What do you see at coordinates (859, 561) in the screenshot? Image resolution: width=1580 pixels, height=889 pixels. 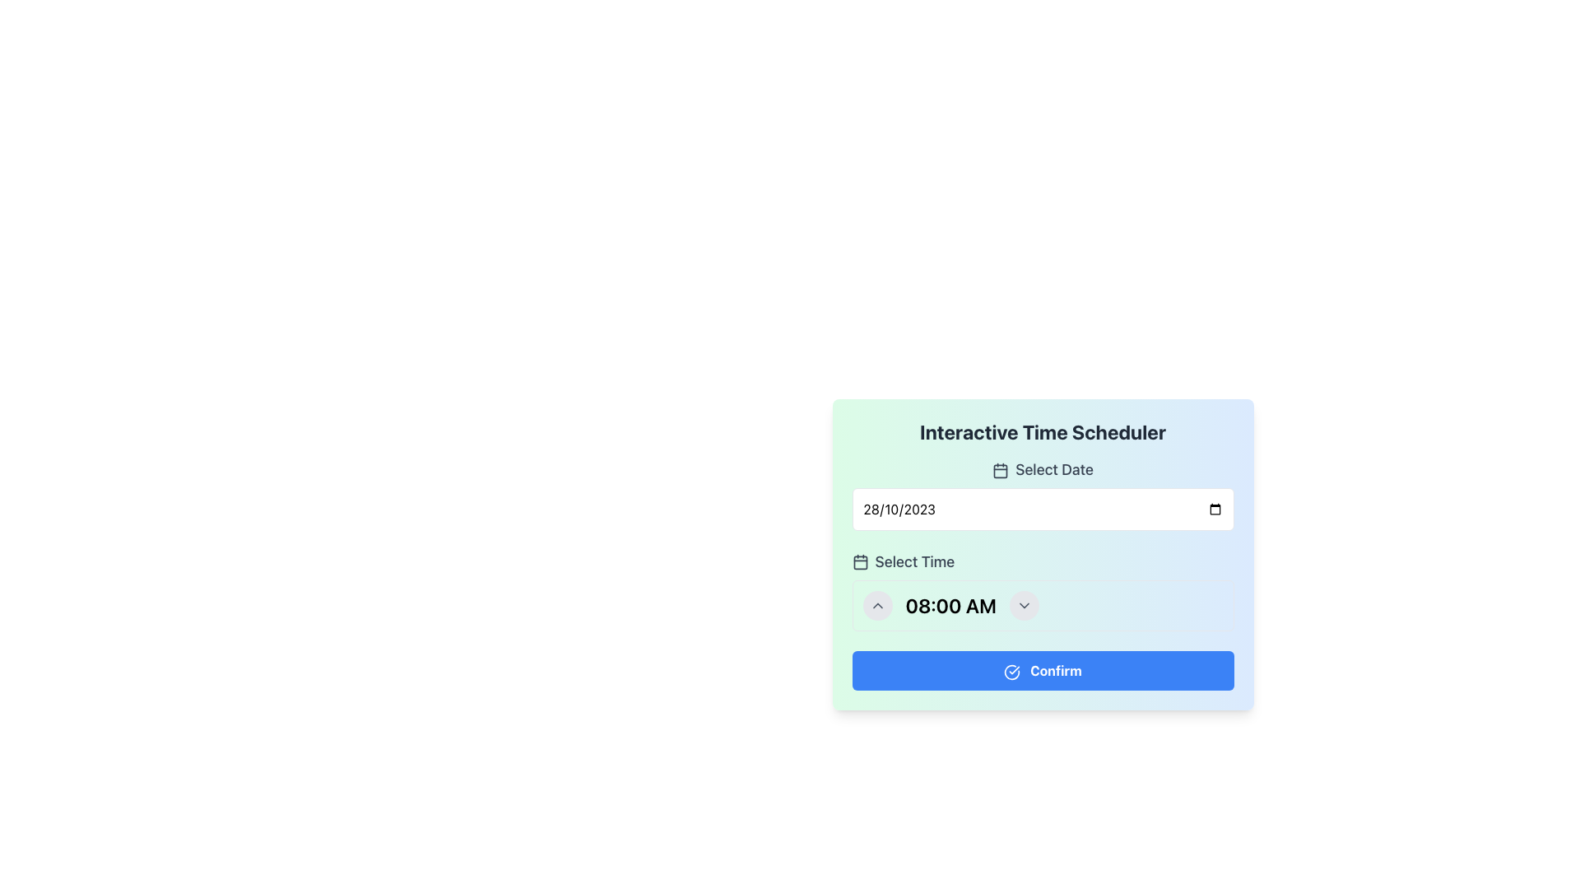 I see `the calendar icon, which is styled with a square outline and rounded corners, located next to the 'Select Time' label in the lower half of the interface` at bounding box center [859, 561].